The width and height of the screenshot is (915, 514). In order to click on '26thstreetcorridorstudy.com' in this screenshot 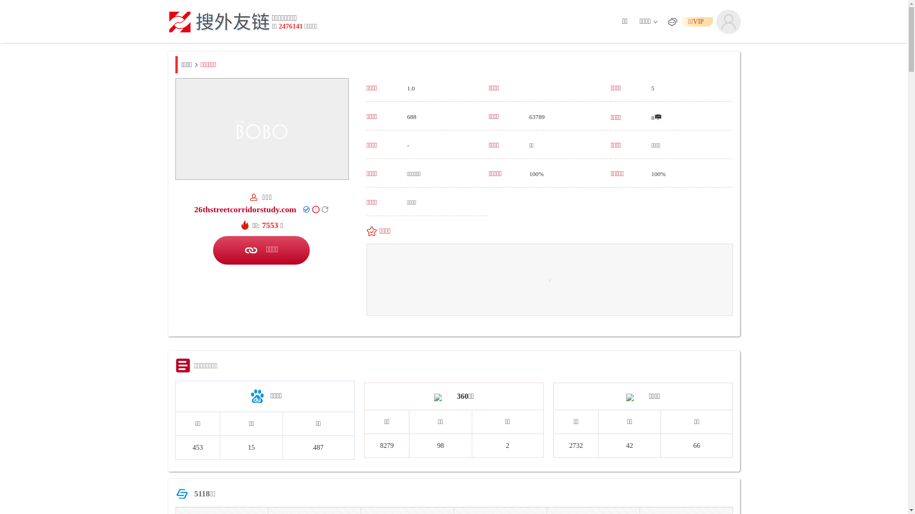, I will do `click(194, 208)`.